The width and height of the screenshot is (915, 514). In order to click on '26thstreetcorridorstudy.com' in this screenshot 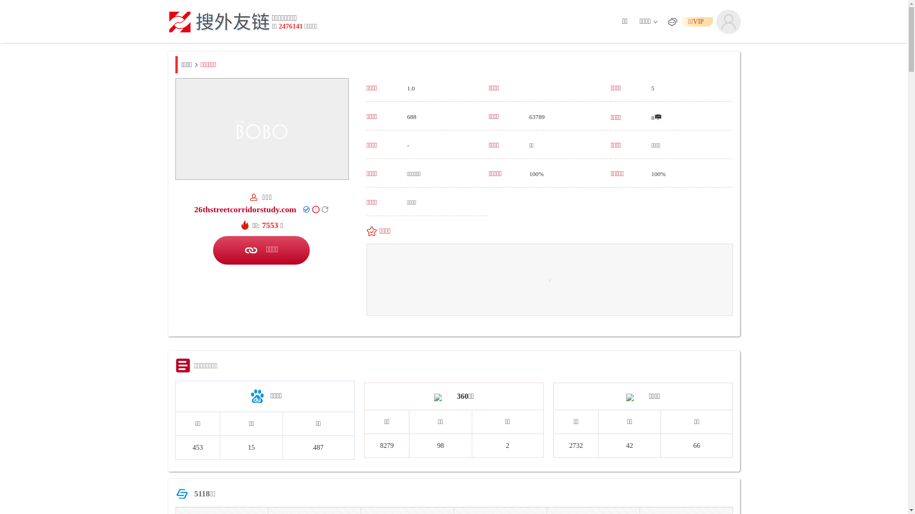, I will do `click(194, 208)`.